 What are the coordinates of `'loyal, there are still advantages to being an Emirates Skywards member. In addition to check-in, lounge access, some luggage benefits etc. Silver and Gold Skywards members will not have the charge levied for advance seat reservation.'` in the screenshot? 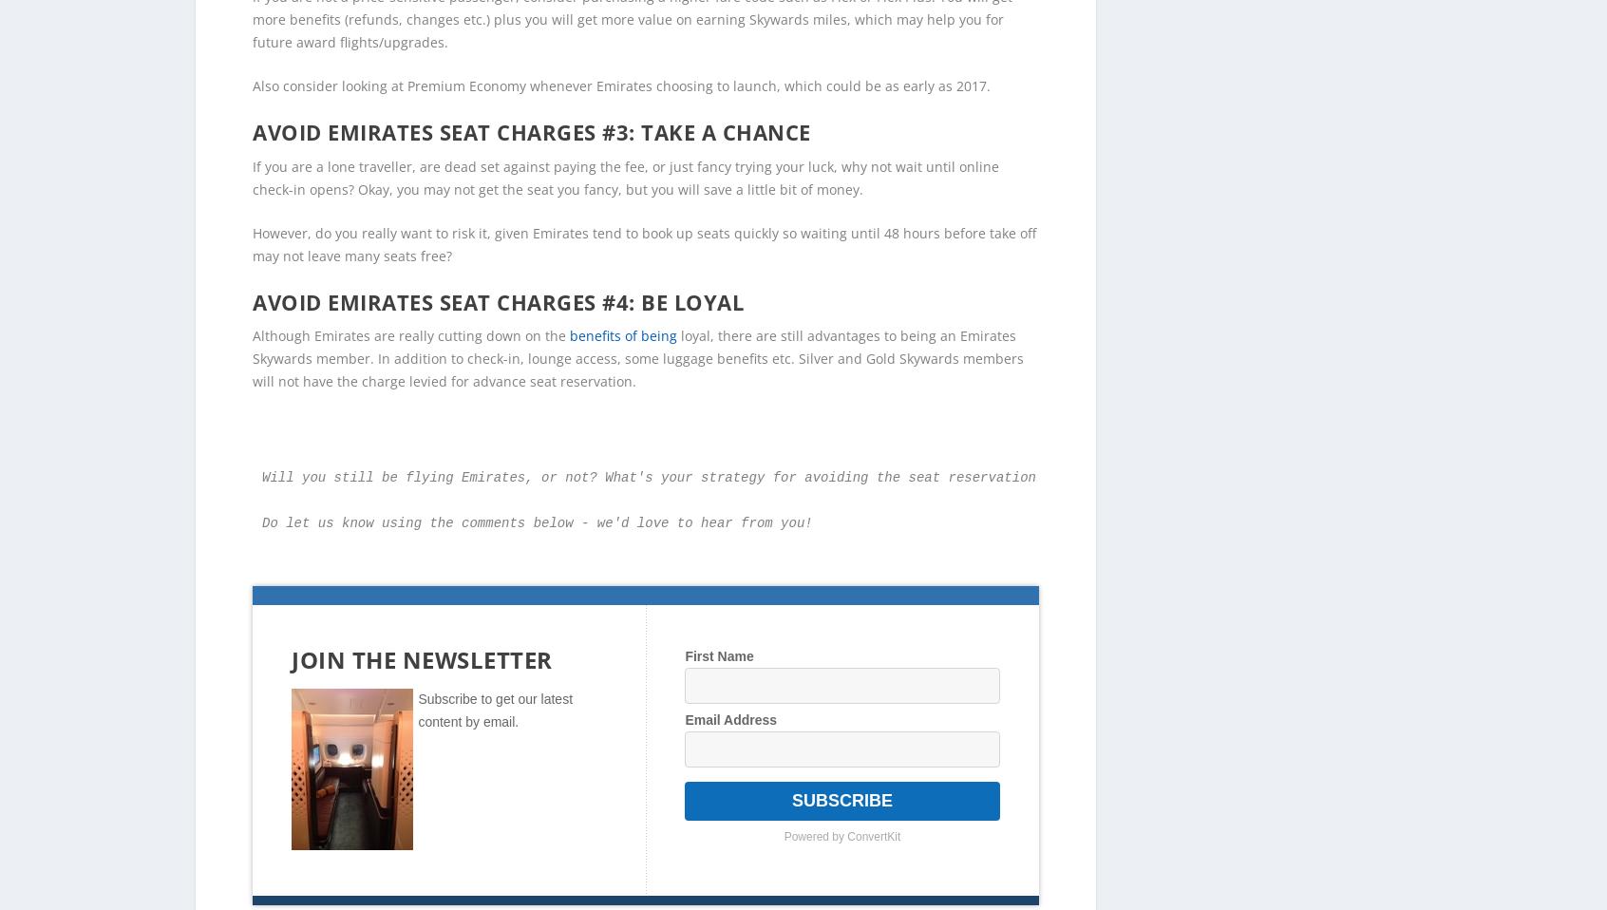 It's located at (638, 326).